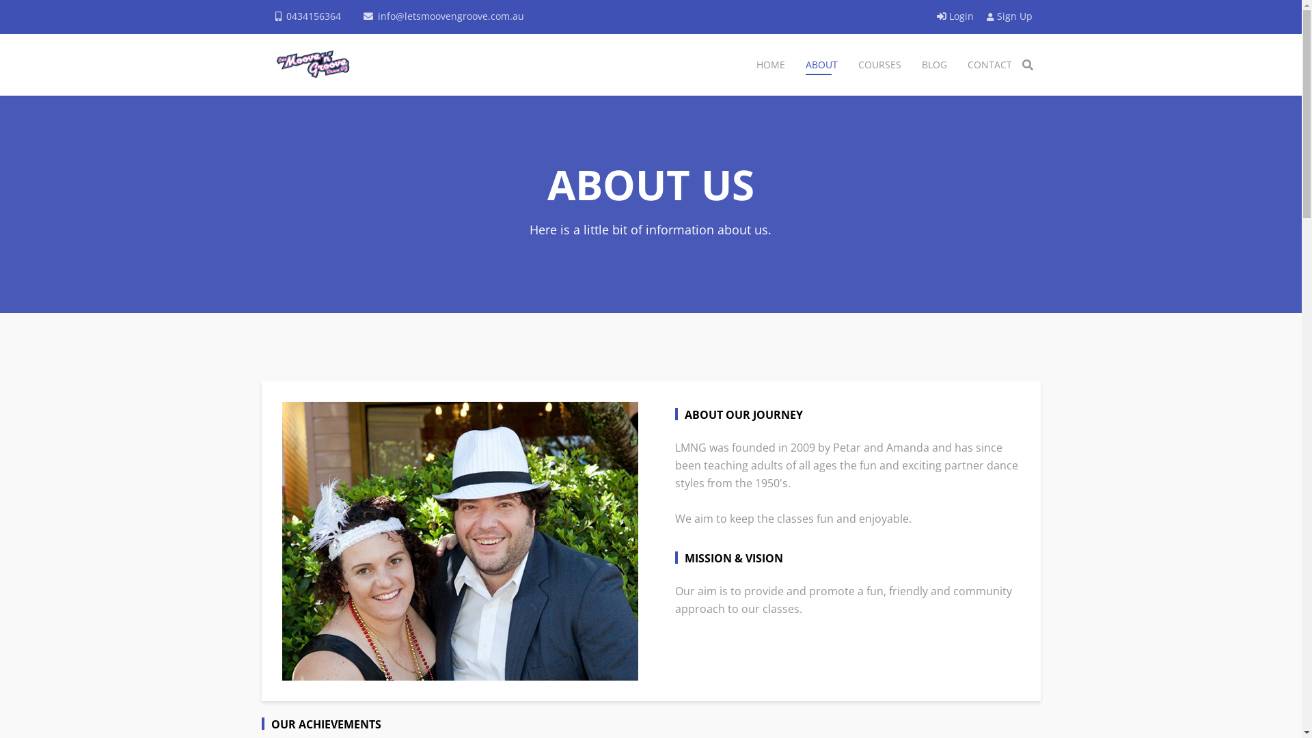 This screenshot has height=738, width=1312. What do you see at coordinates (933, 65) in the screenshot?
I see `'BLOG'` at bounding box center [933, 65].